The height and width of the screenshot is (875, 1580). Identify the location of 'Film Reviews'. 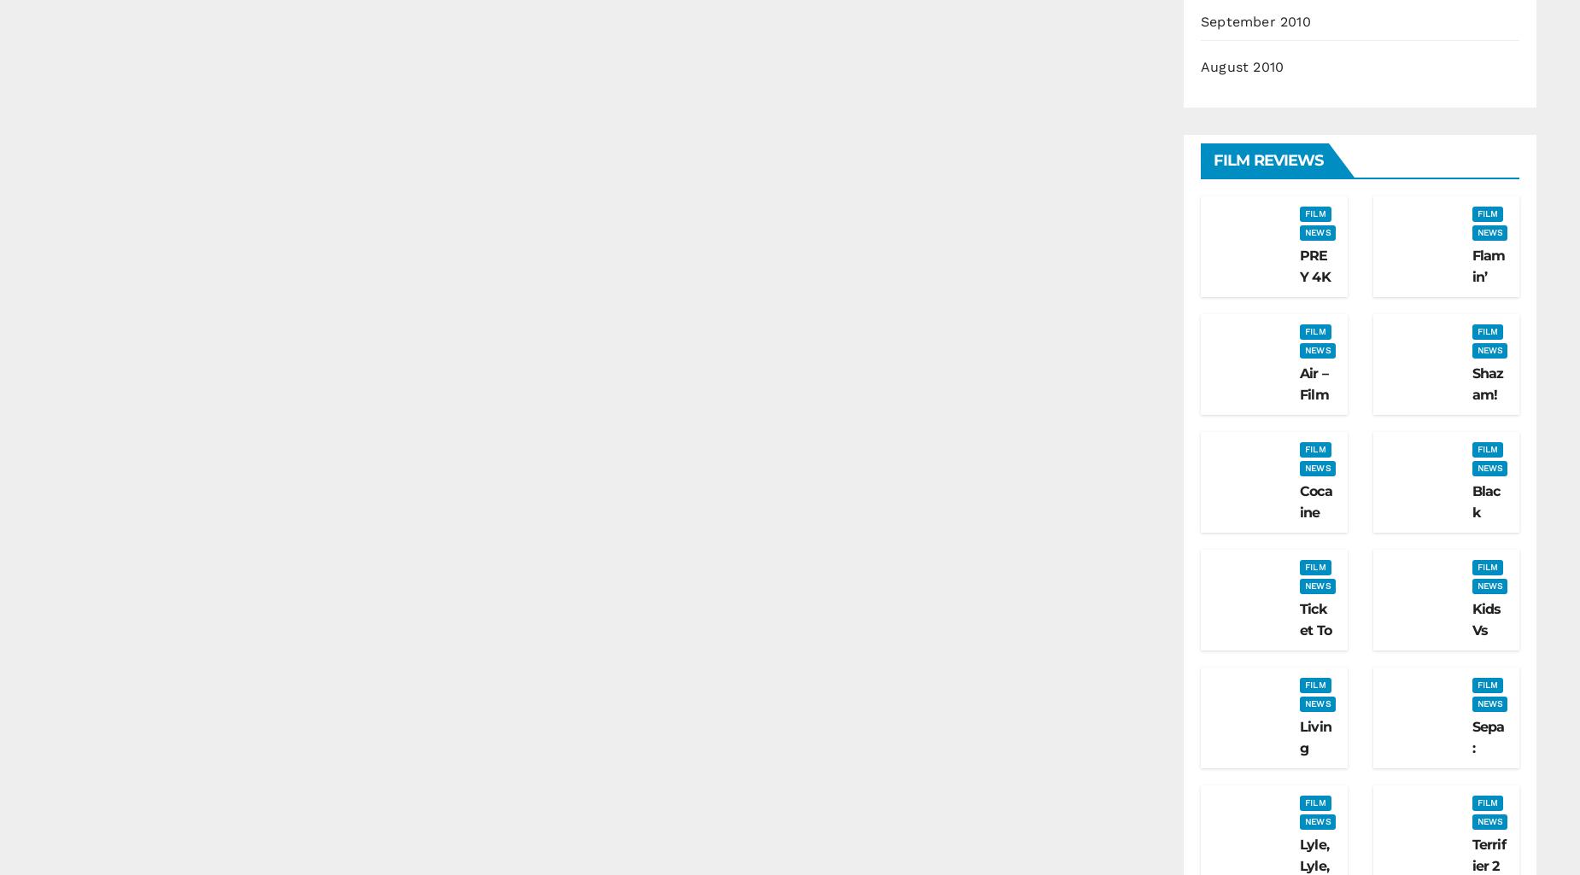
(1267, 160).